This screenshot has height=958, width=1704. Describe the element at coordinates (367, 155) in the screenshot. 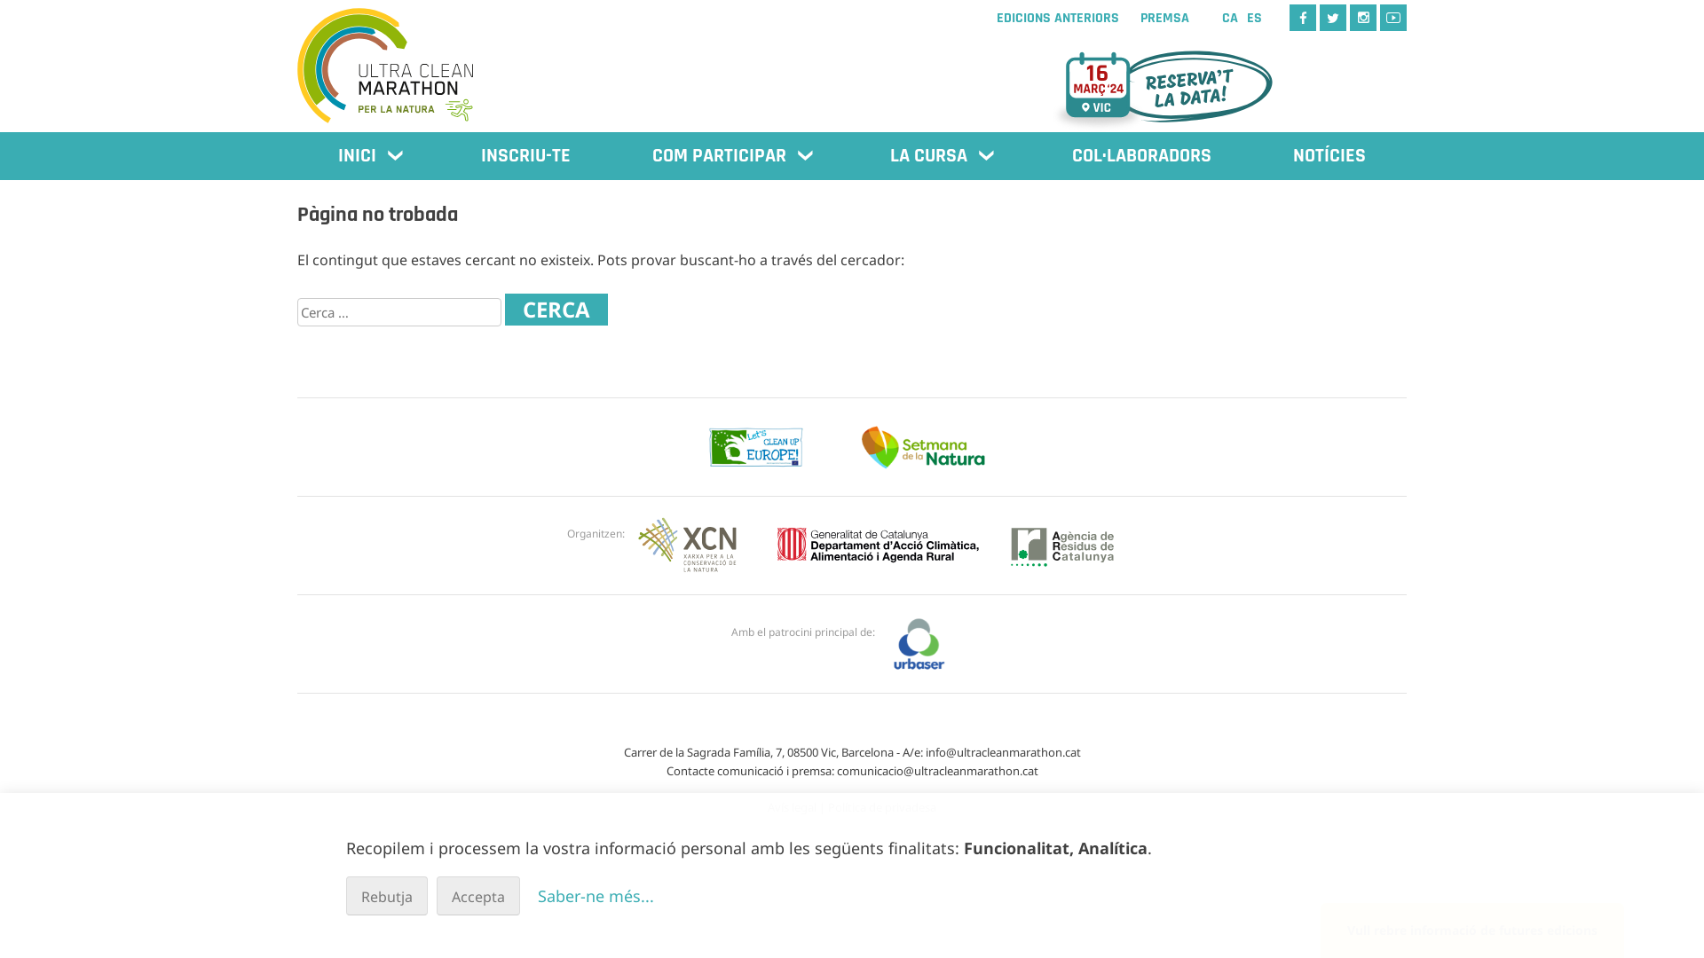

I see `'INICI'` at that location.